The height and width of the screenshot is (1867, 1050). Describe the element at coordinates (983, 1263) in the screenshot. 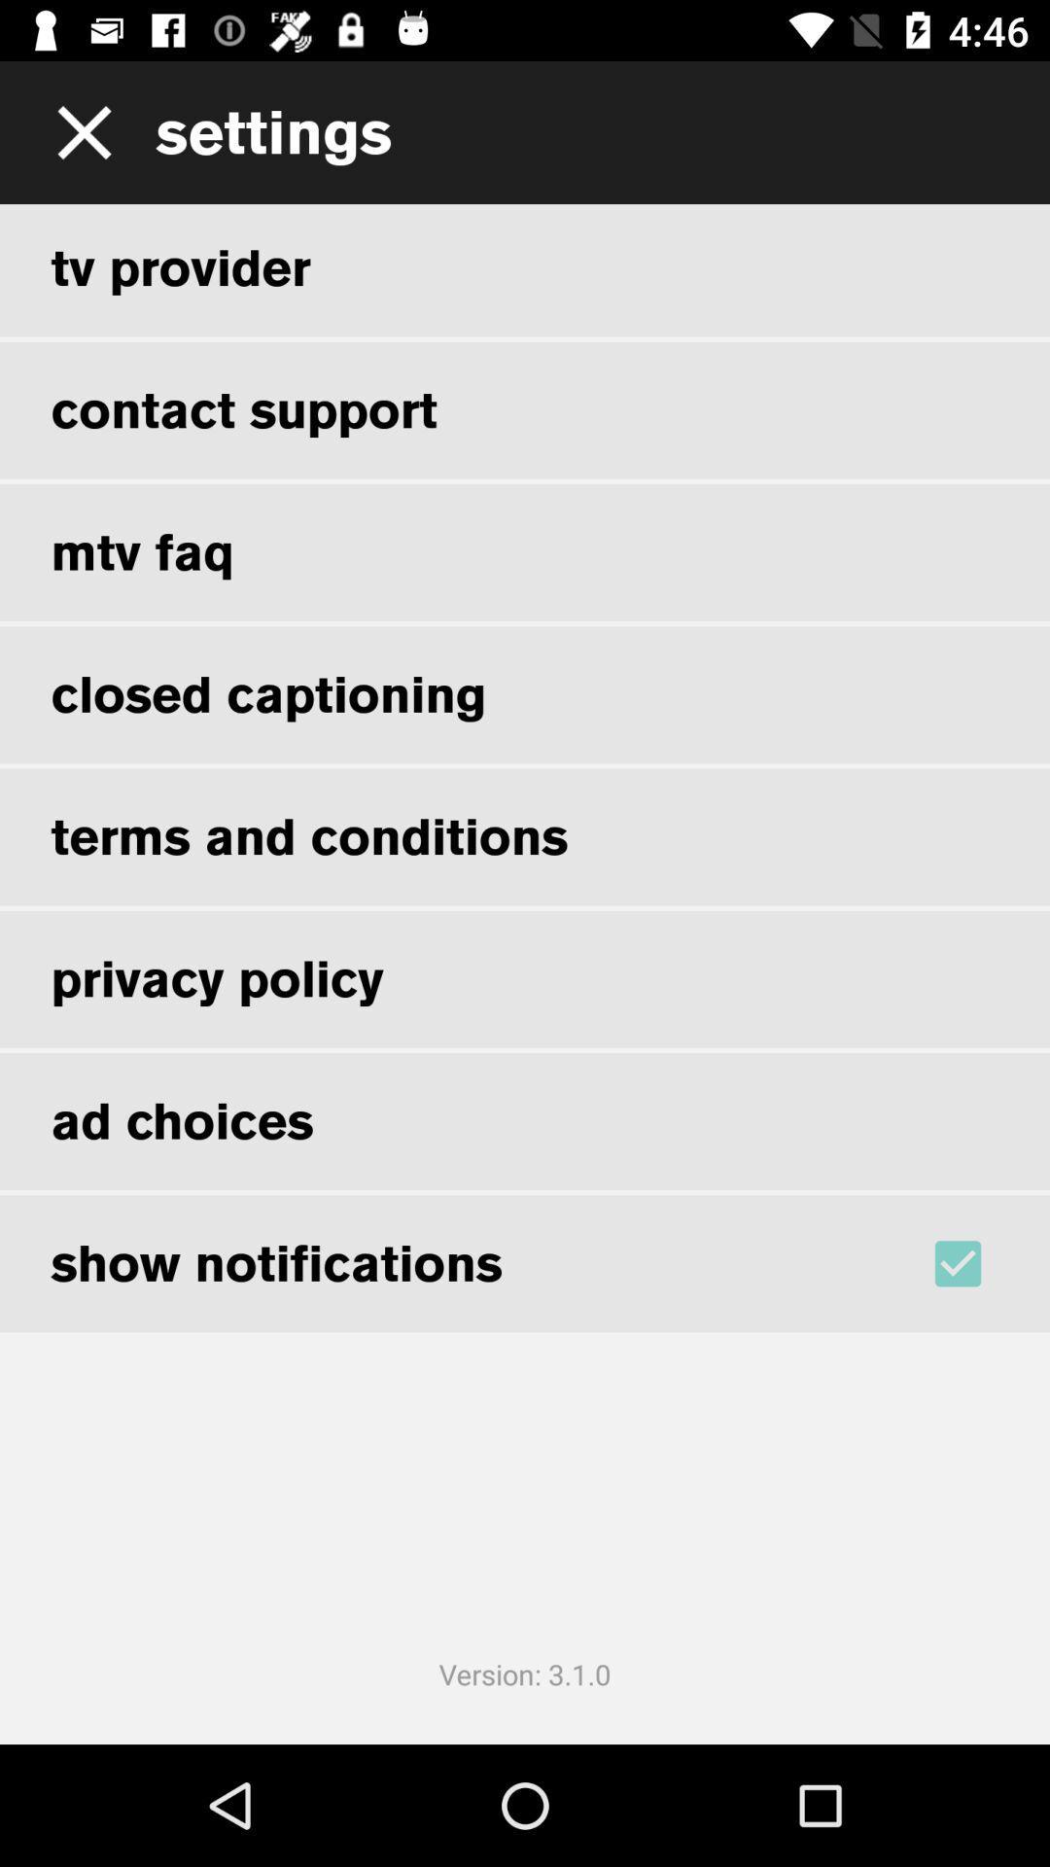

I see `to show notifications` at that location.